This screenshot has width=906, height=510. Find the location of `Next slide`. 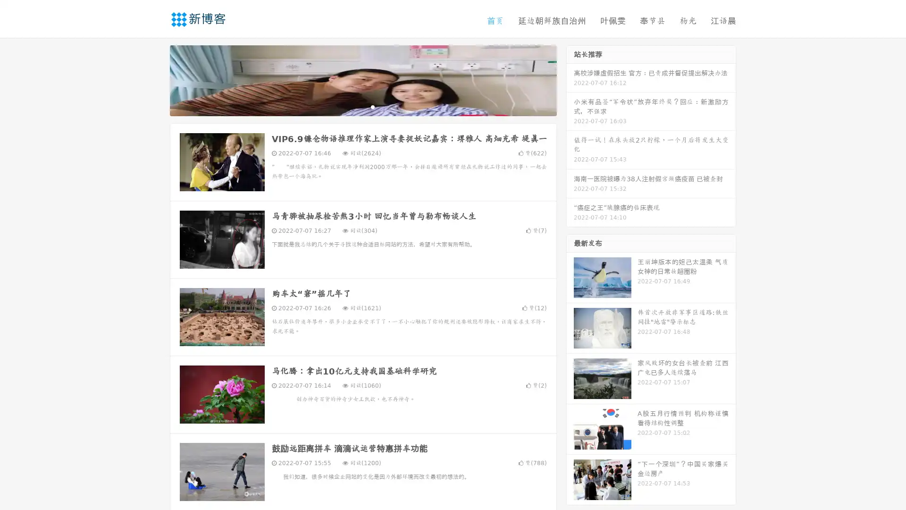

Next slide is located at coordinates (570, 79).